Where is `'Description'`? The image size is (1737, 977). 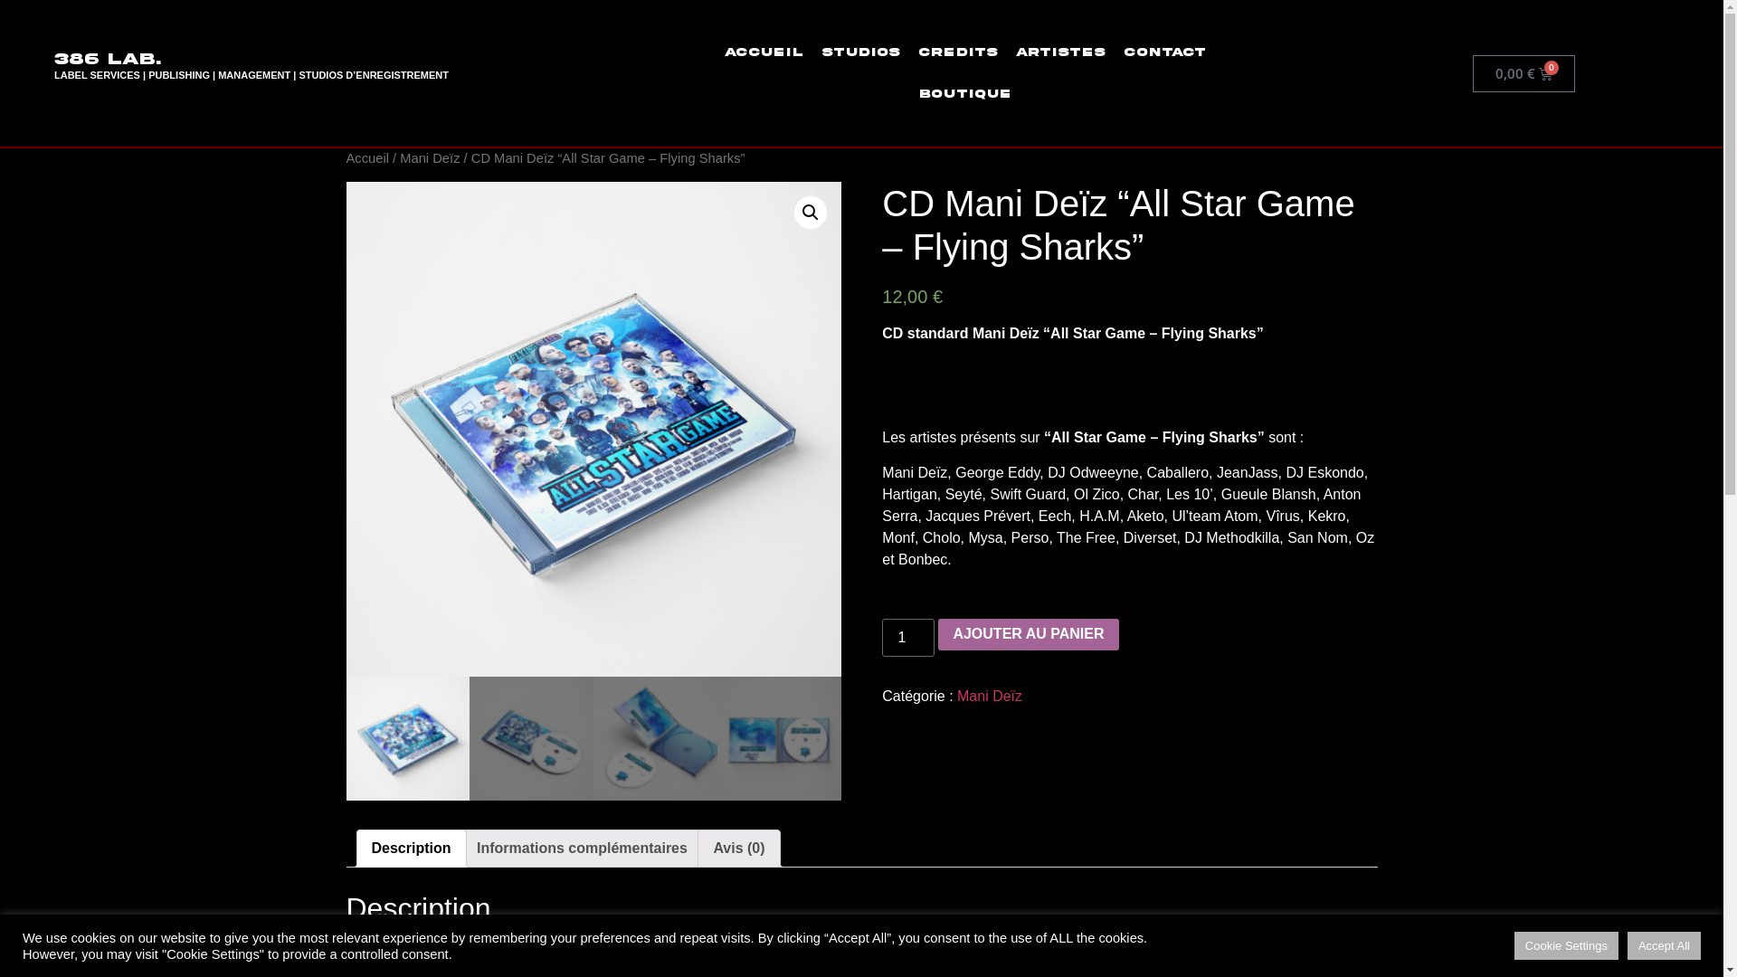 'Description' is located at coordinates (369, 848).